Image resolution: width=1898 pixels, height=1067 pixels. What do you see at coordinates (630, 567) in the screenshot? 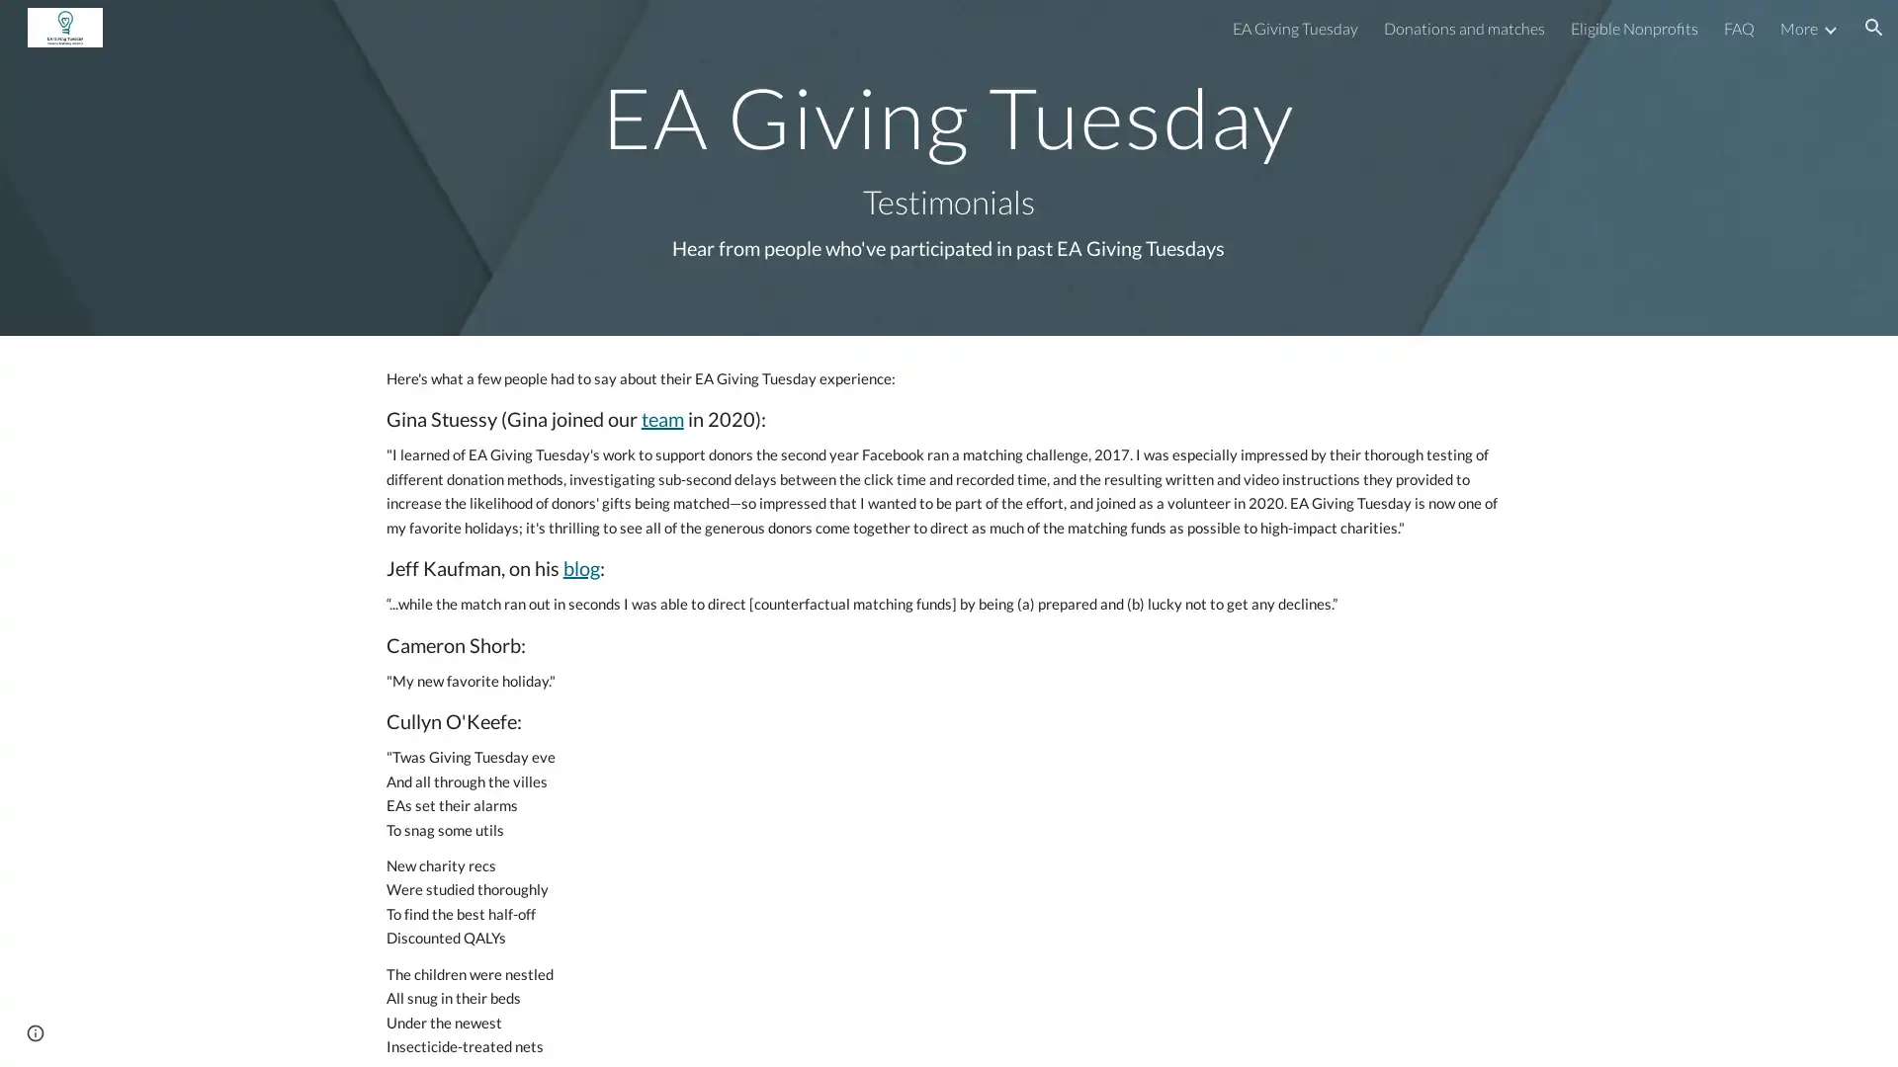
I see `Copy heading link` at bounding box center [630, 567].